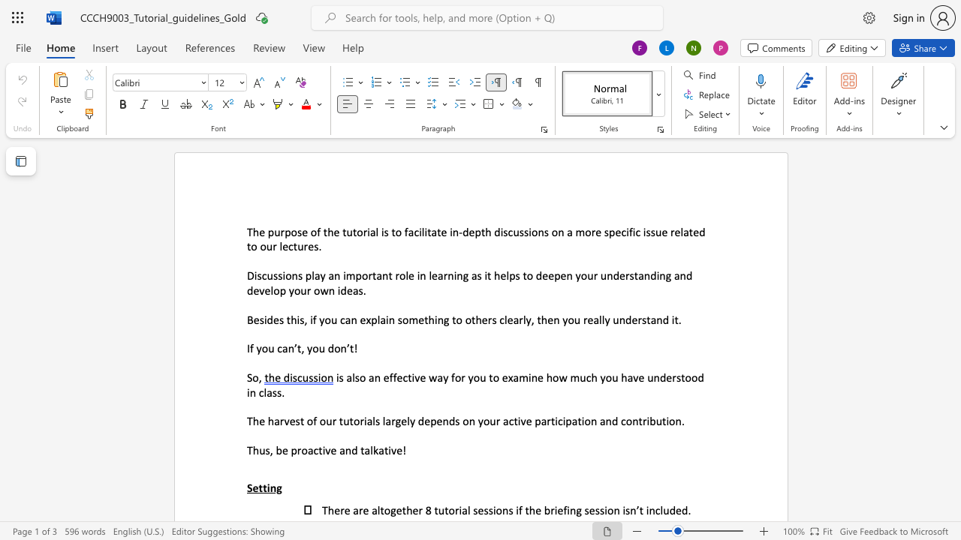 This screenshot has width=961, height=540. I want to click on the space between the continuous character "i" and "o" in the text, so click(286, 275).